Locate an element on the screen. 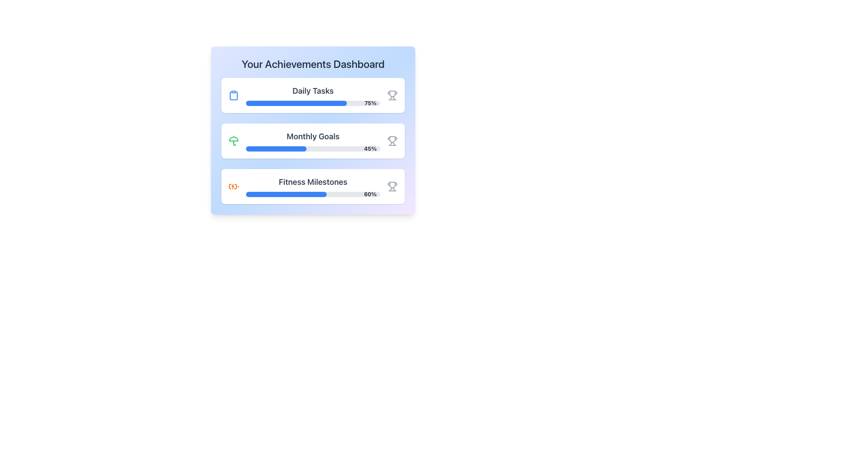 This screenshot has width=842, height=473. the progress bars within the central dashboard panel that provides a summary of various goals or tasks is located at coordinates (313, 130).